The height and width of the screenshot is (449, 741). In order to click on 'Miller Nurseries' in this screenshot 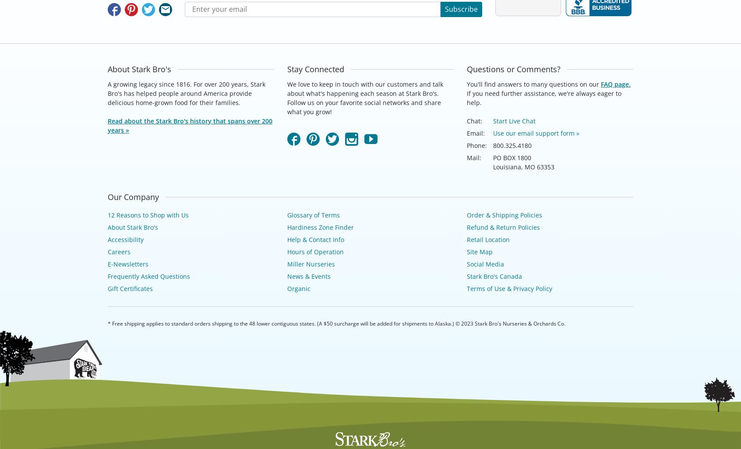, I will do `click(311, 263)`.